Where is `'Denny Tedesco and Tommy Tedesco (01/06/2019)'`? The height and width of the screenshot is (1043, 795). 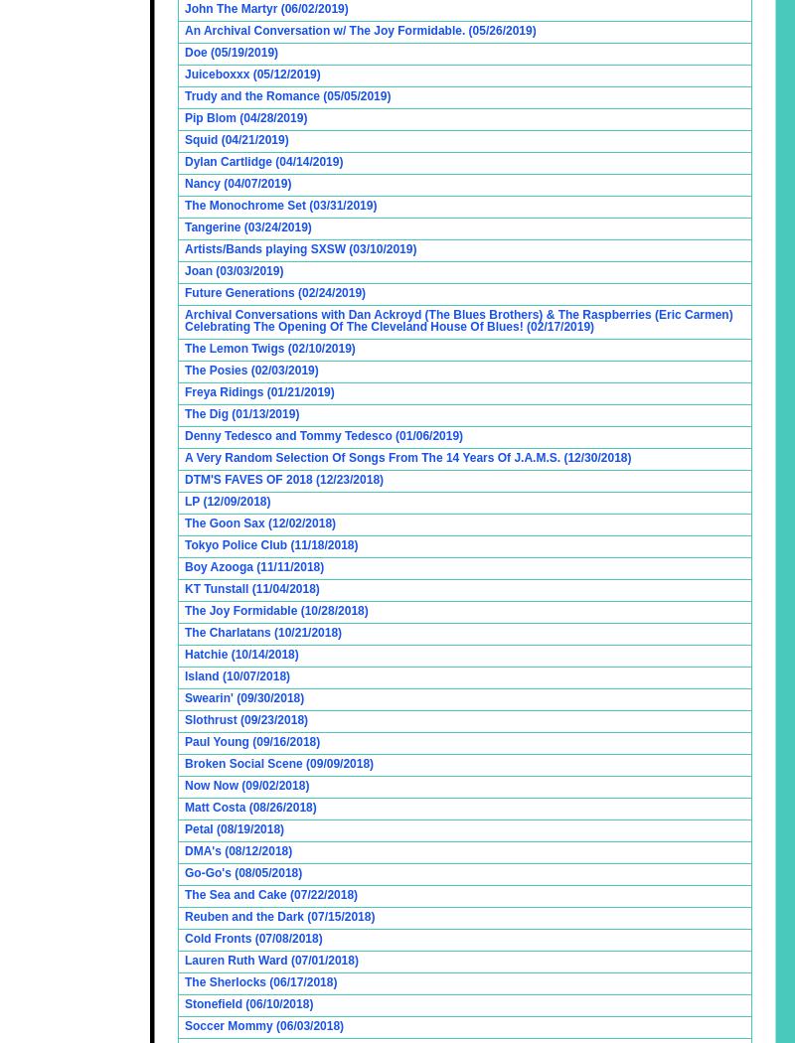 'Denny Tedesco and Tommy Tedesco (01/06/2019)' is located at coordinates (323, 435).